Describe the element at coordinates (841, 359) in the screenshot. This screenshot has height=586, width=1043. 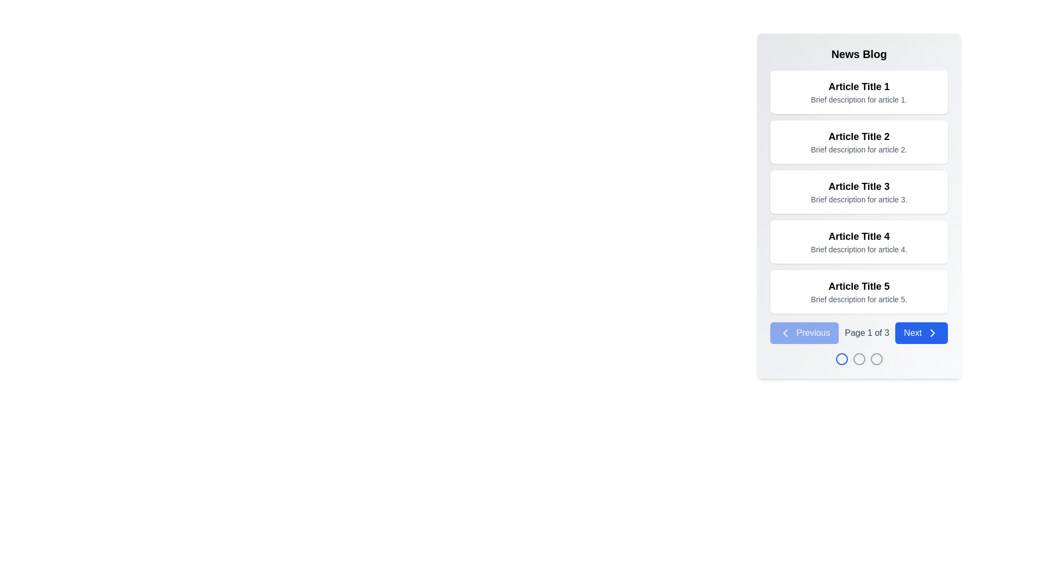
I see `the first circular pagination indicator, which is a blue-bordered SVG graphic located at the bottom center of the page` at that location.